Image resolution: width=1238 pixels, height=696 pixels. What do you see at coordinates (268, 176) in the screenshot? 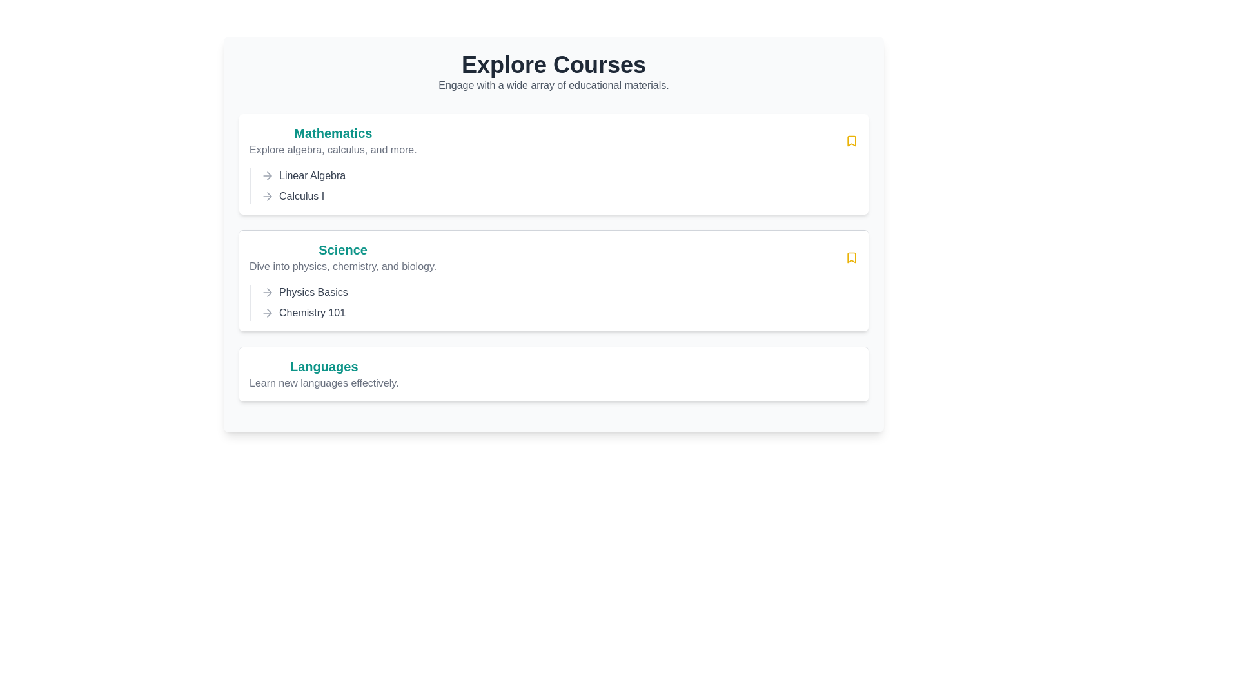
I see `the rightward-pointing arrow icon located to the right of the 'Linear Algebra' text under the 'Mathematics' section` at bounding box center [268, 176].